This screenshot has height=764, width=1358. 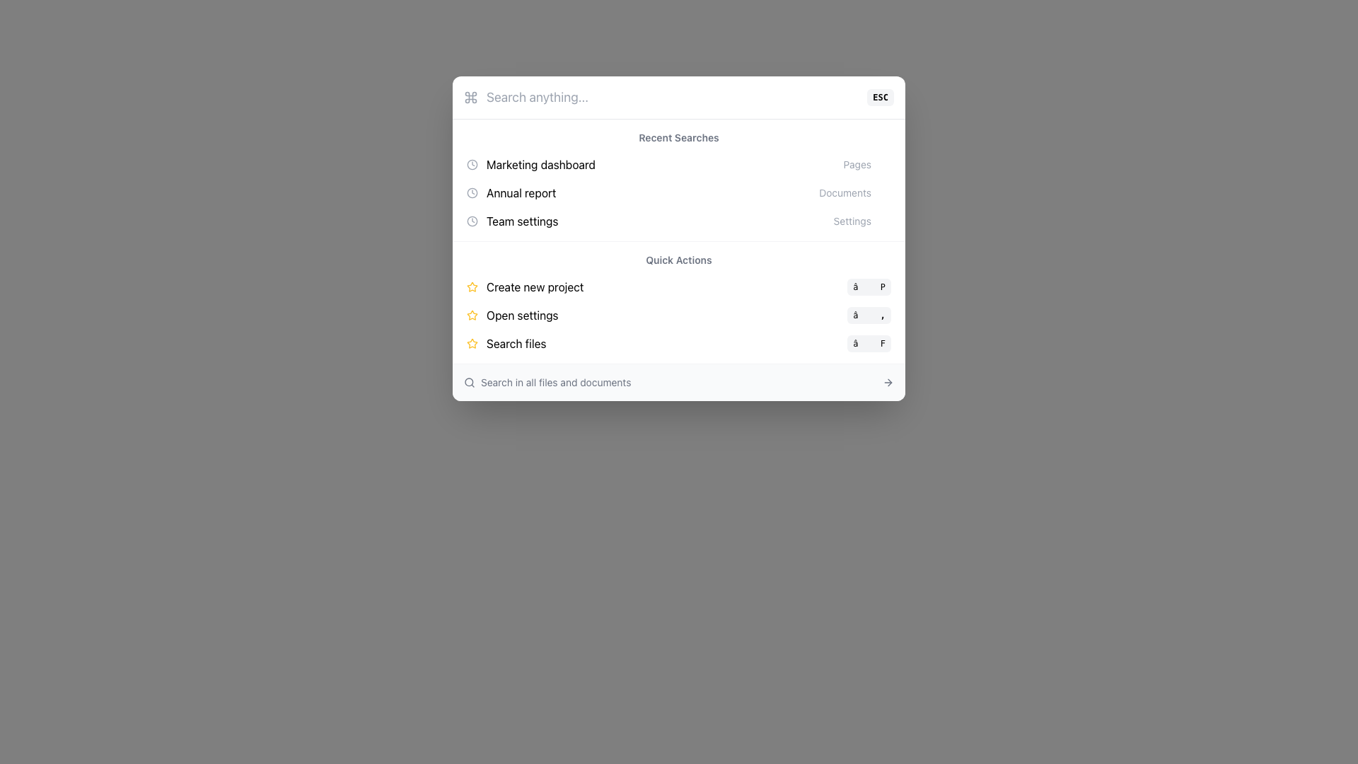 I want to click on the second item in the 'Recent Searches' section, so click(x=679, y=193).